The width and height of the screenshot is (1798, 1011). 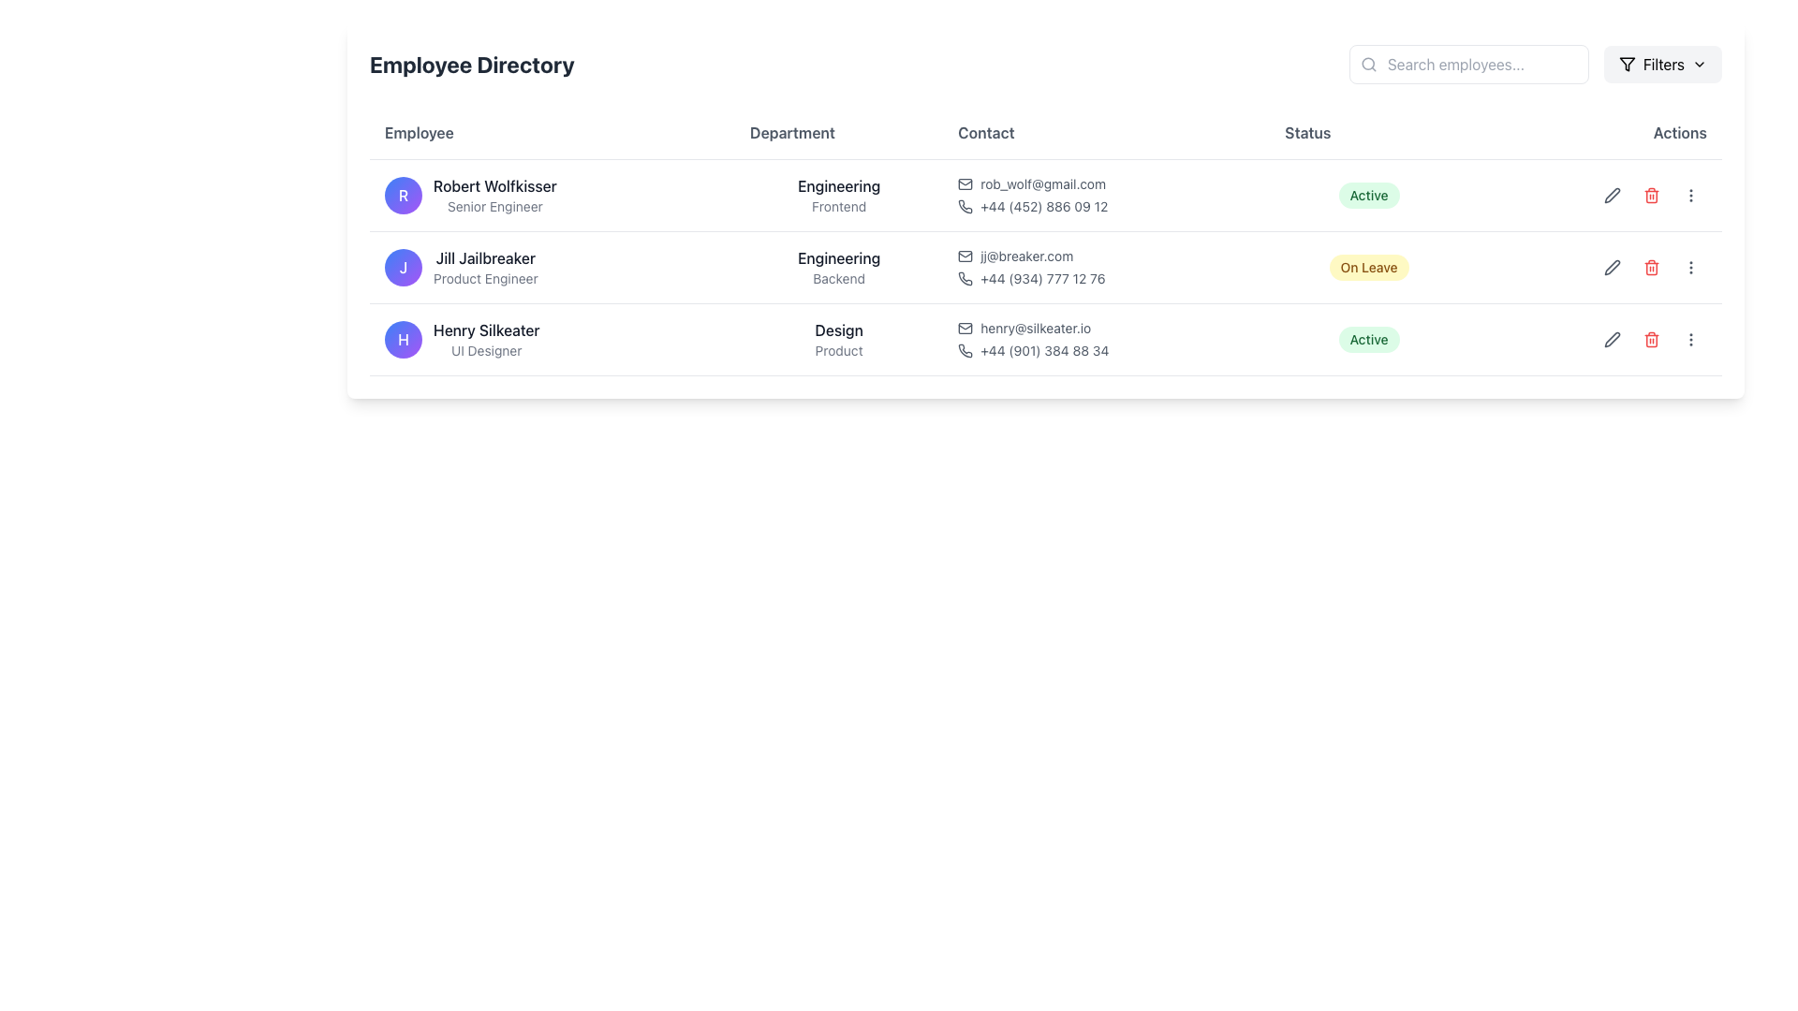 I want to click on the 'On Leave' label with a yellow background and dark text located in the 'Status' column of the second row associated with 'Jill Jailbreaker', so click(x=1369, y=267).